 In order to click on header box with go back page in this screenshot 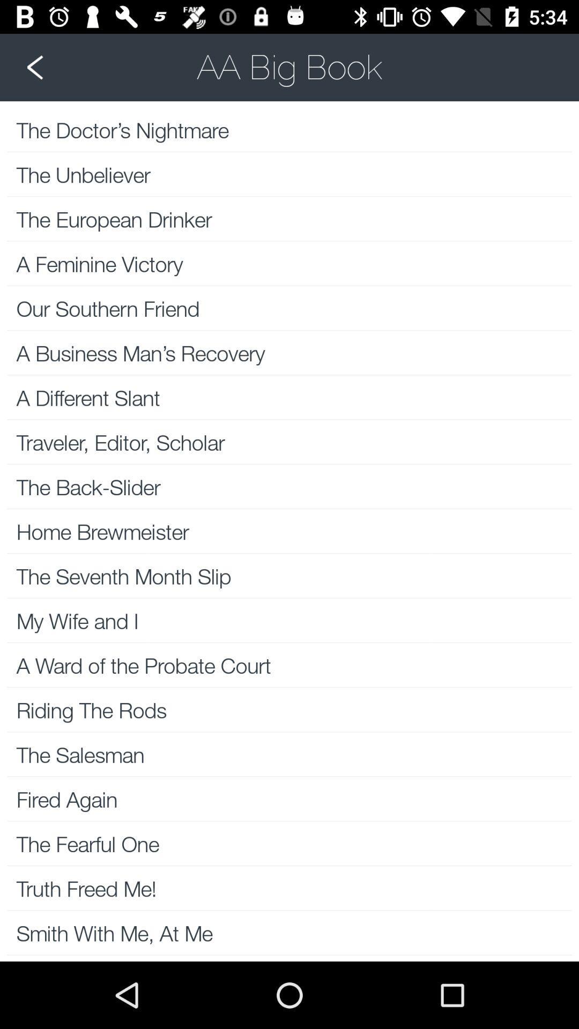, I will do `click(289, 66)`.